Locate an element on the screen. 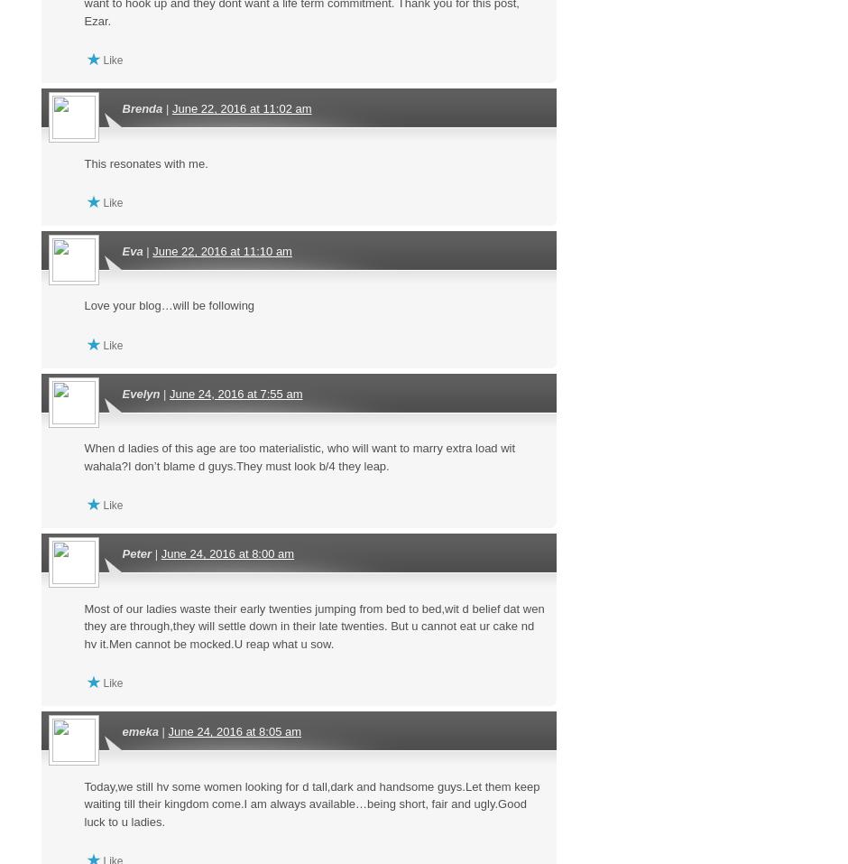 Image resolution: width=848 pixels, height=864 pixels. 'Brenda' is located at coordinates (120, 108).